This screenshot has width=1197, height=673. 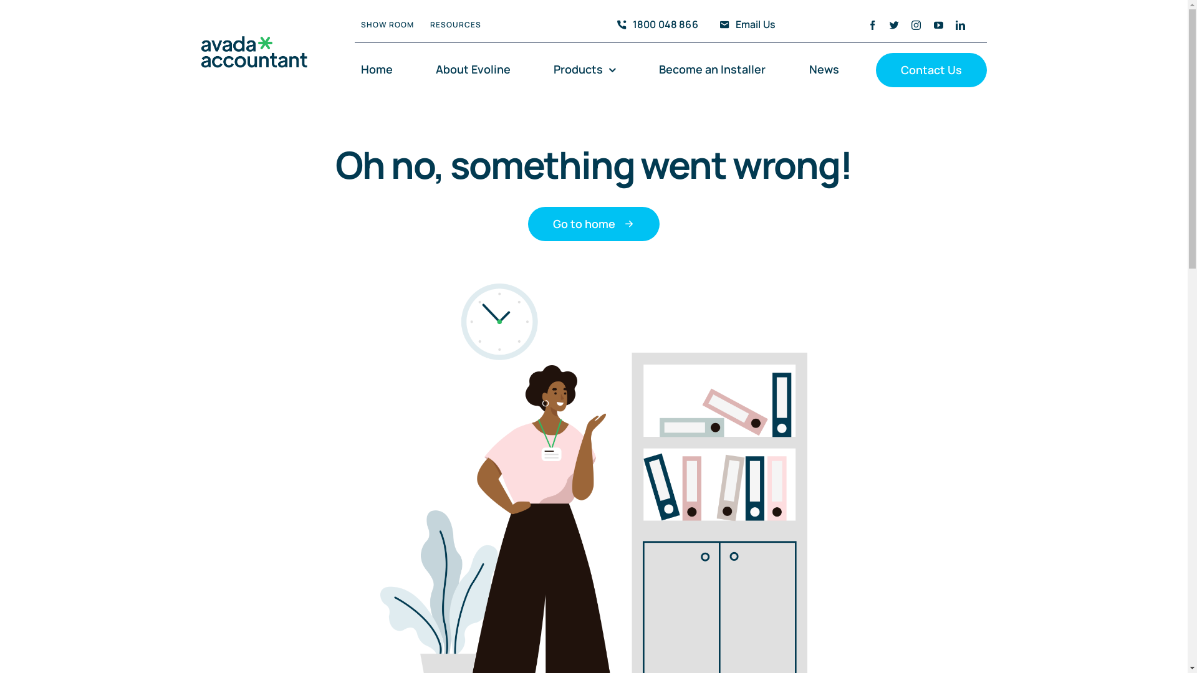 What do you see at coordinates (354, 24) in the screenshot?
I see `'SHOW ROOM'` at bounding box center [354, 24].